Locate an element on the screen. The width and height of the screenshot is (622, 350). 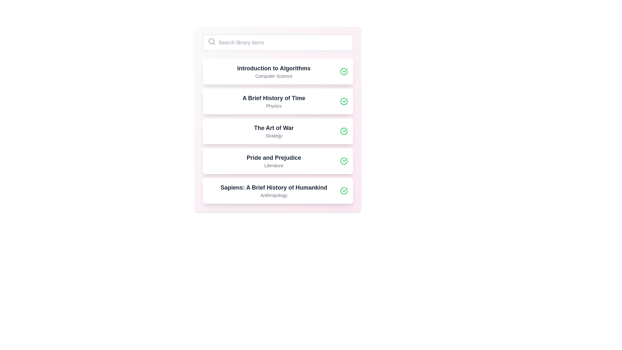
the text label reading 'Computer Science' which is styled in a smaller font size and located directly below 'Introduction to Algorithms' is located at coordinates (274, 76).